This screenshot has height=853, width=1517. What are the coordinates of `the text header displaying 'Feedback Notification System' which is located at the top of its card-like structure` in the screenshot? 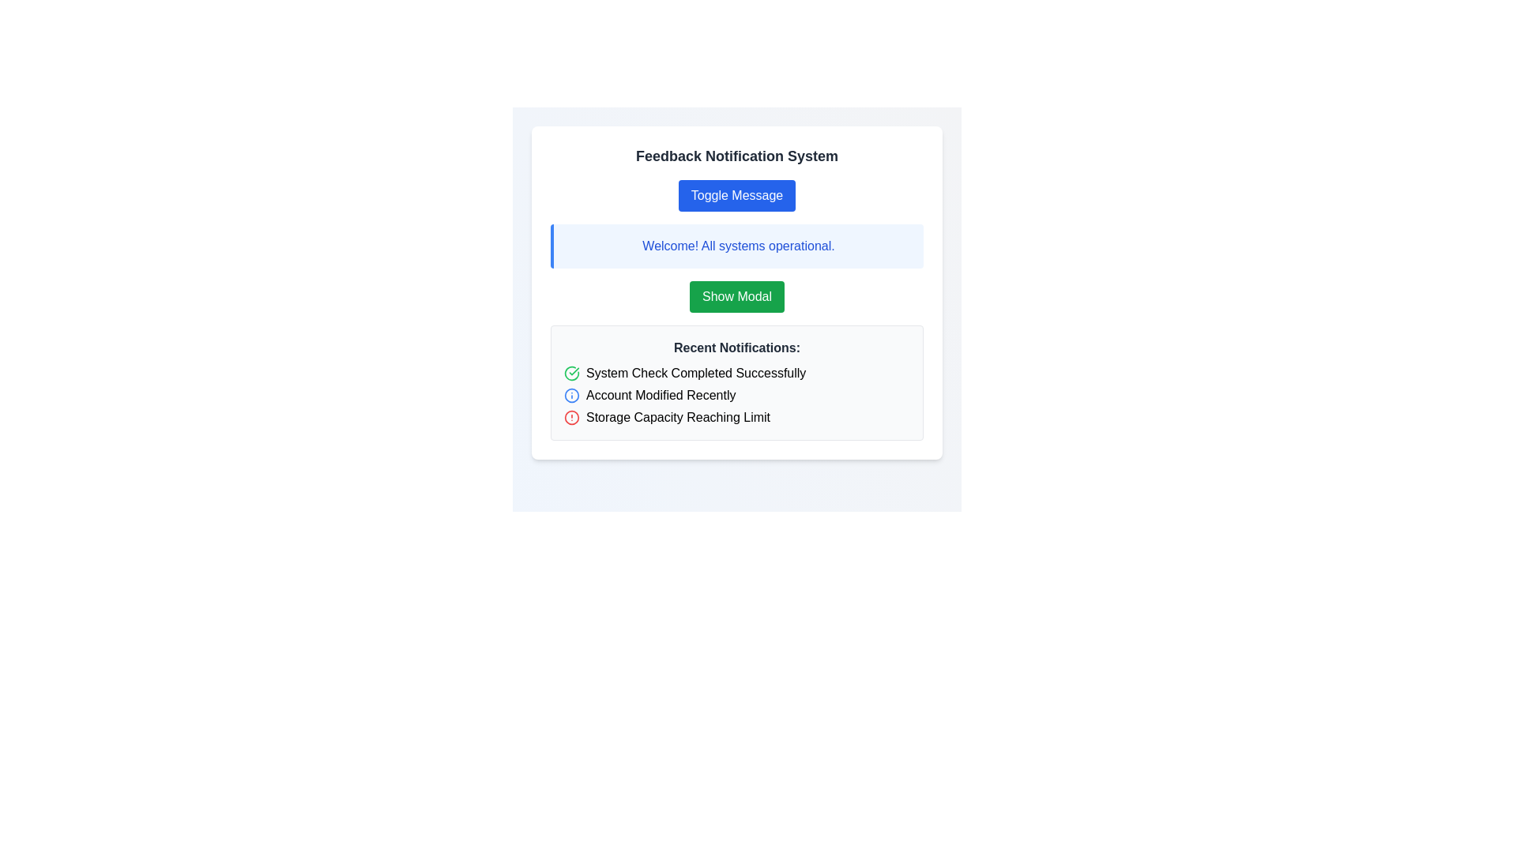 It's located at (736, 156).